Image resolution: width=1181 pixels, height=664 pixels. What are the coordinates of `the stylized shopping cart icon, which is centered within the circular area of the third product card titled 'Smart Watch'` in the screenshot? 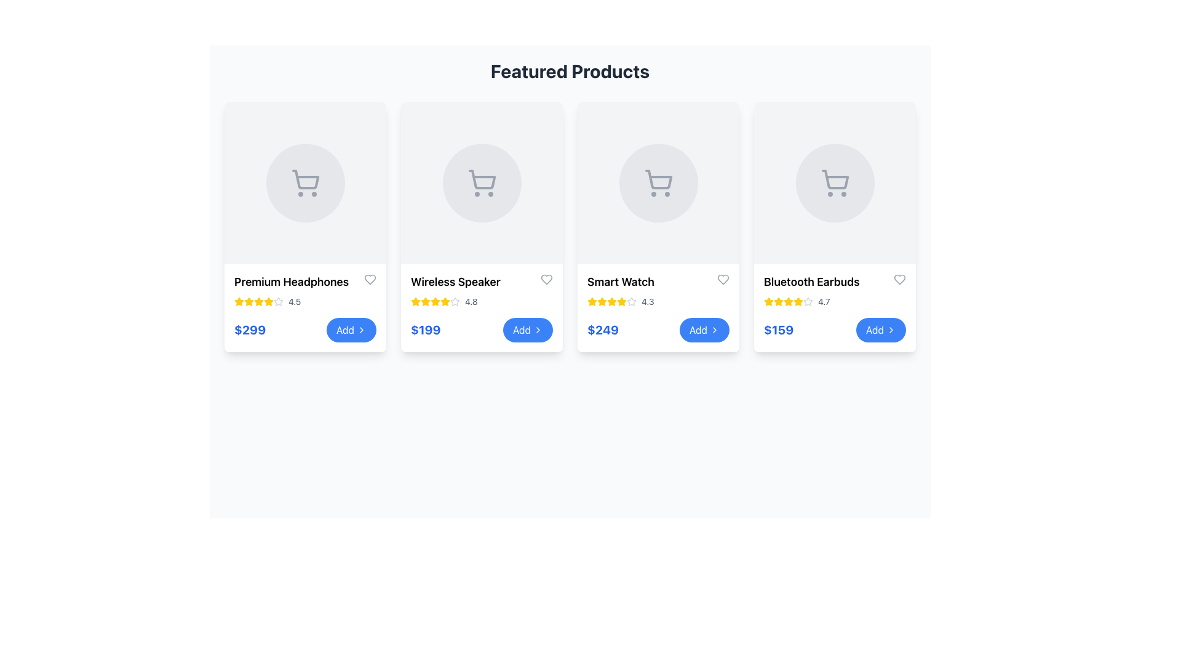 It's located at (658, 179).